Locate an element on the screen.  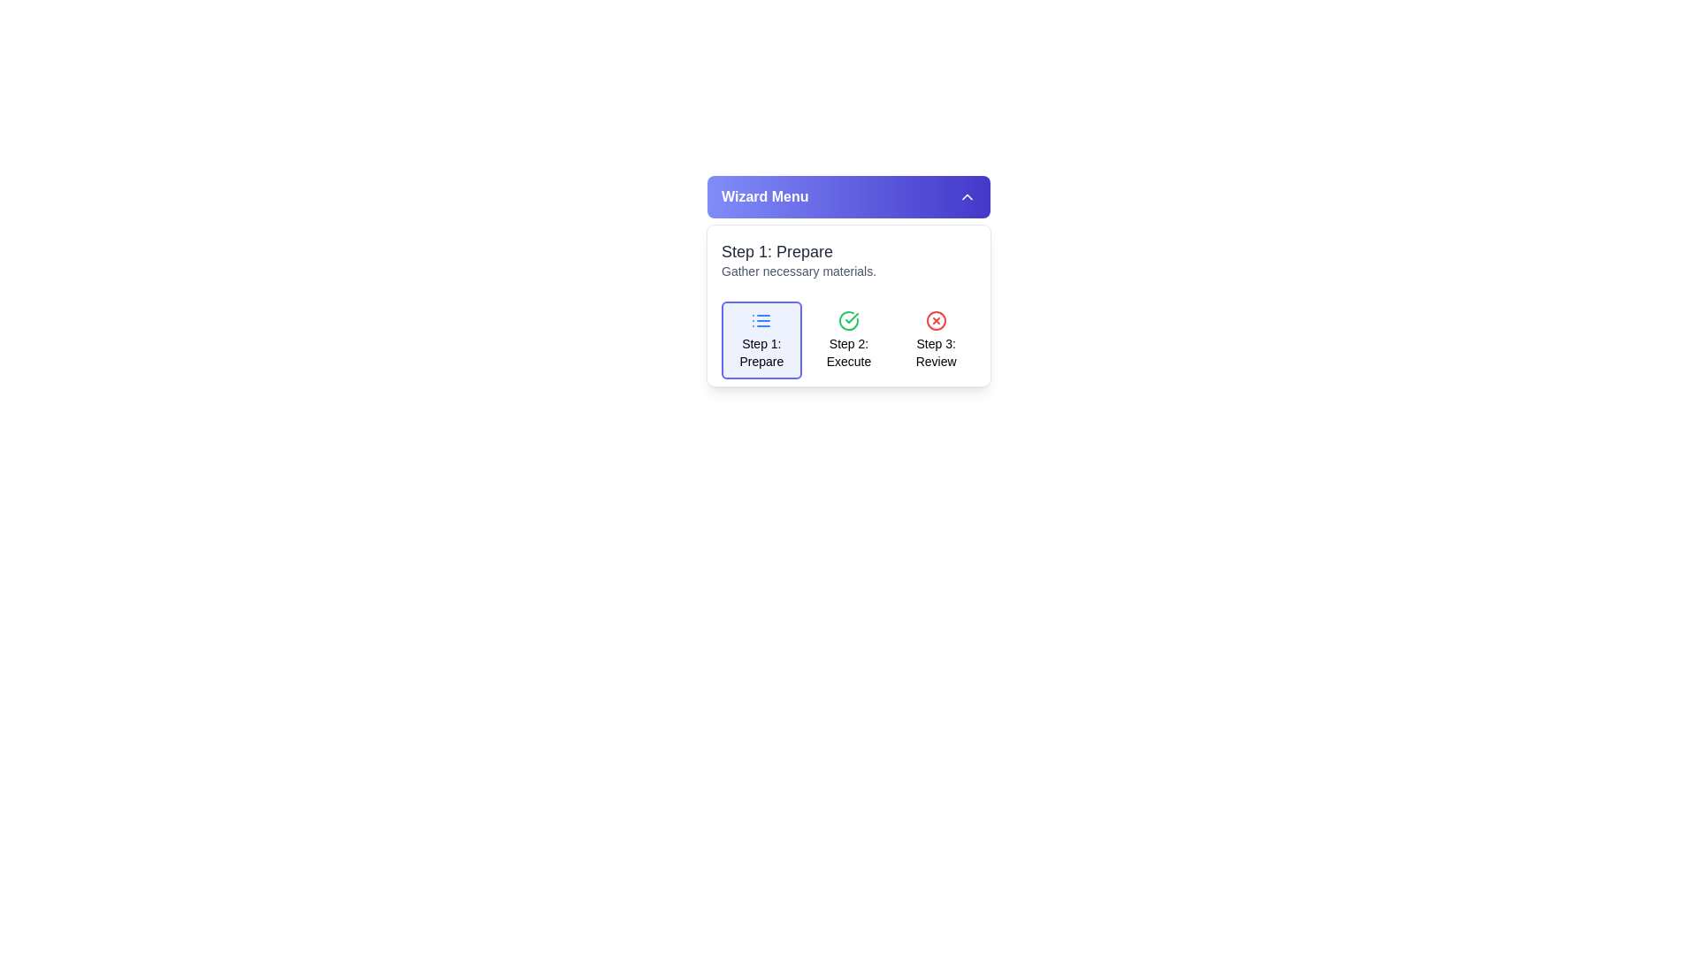
text of the label indicating 'Step 2' in the wizard process, which is located in the horizontal layout of steps within the 'Wizard Menu' is located at coordinates (849, 352).